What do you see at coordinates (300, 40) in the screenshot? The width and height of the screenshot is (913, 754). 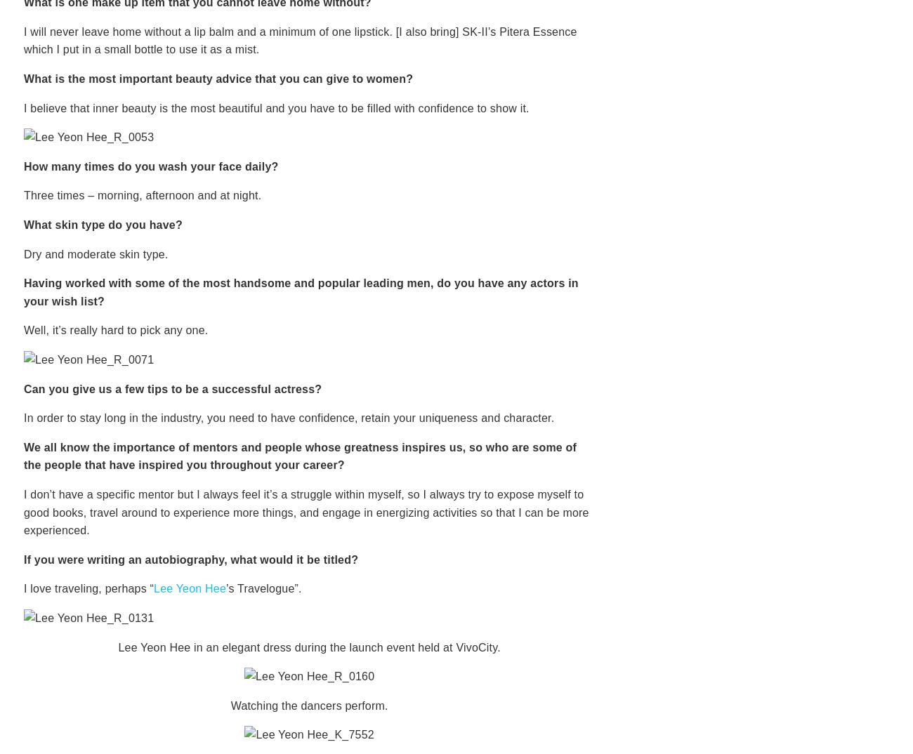 I see `'I will never leave home without a lip balm and a minimum of one lipstick. [I also bring] SK-II’s Pitera Essence which I put in a small bottle to use it as a mist.'` at bounding box center [300, 40].